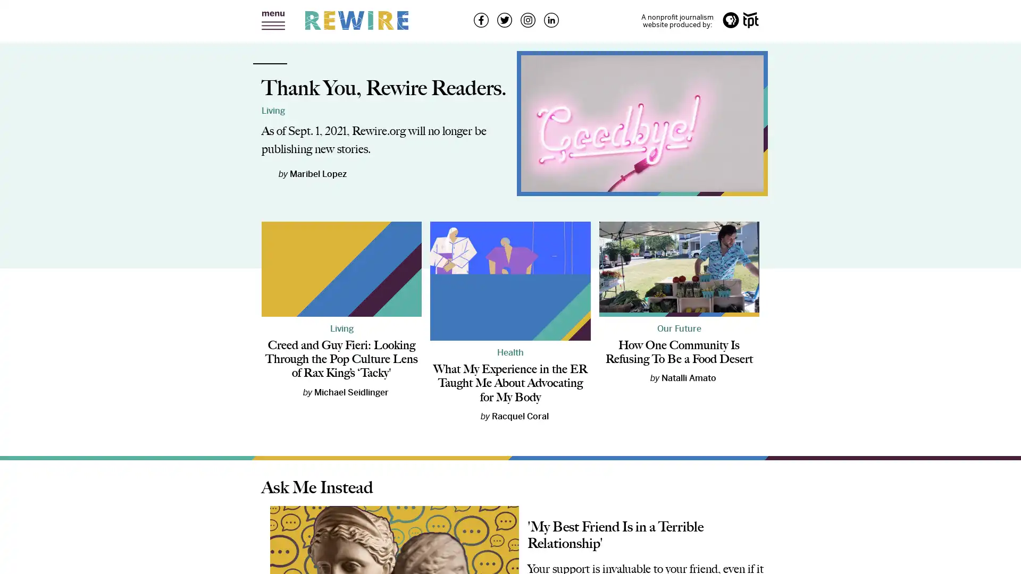 This screenshot has width=1021, height=574. I want to click on Main Navigation Menu, so click(273, 21).